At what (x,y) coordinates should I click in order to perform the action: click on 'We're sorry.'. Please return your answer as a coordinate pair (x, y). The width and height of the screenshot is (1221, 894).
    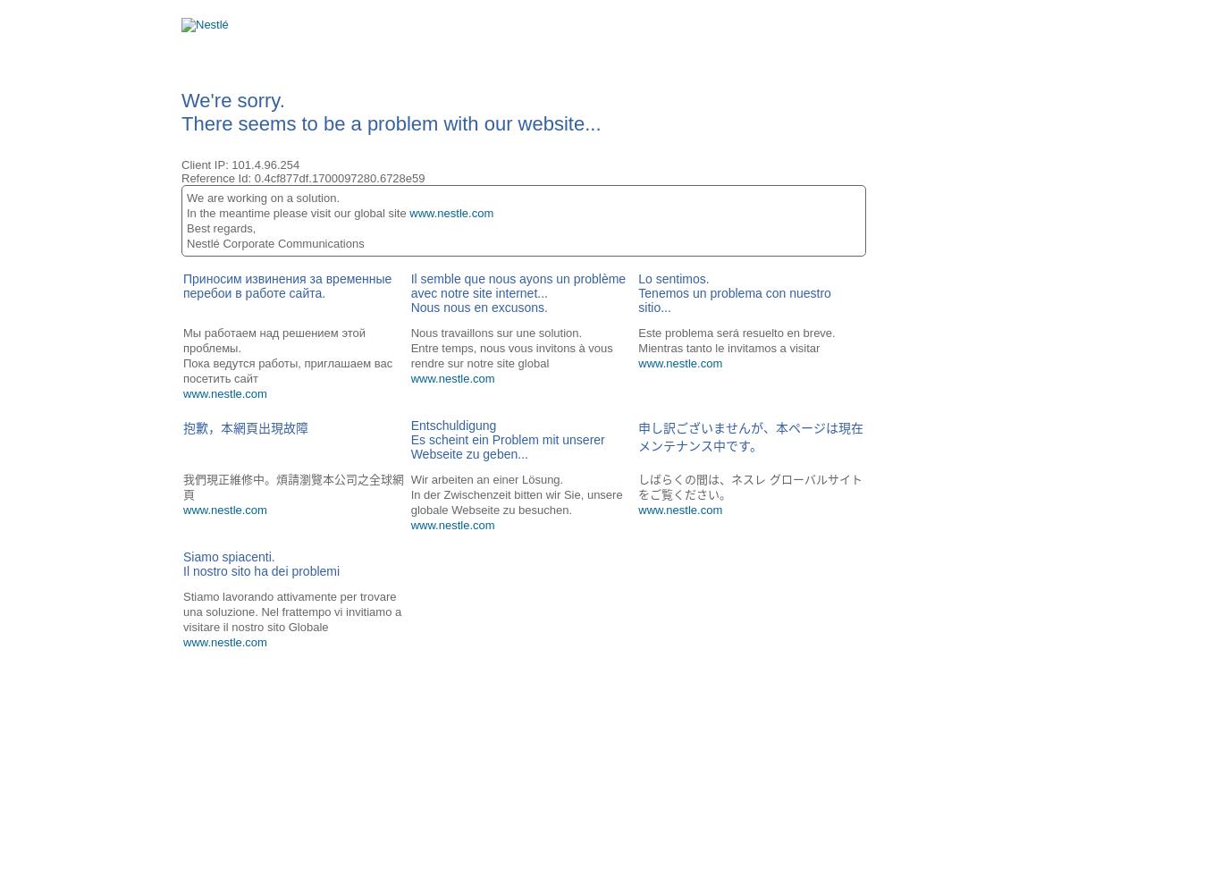
    Looking at the image, I should click on (232, 99).